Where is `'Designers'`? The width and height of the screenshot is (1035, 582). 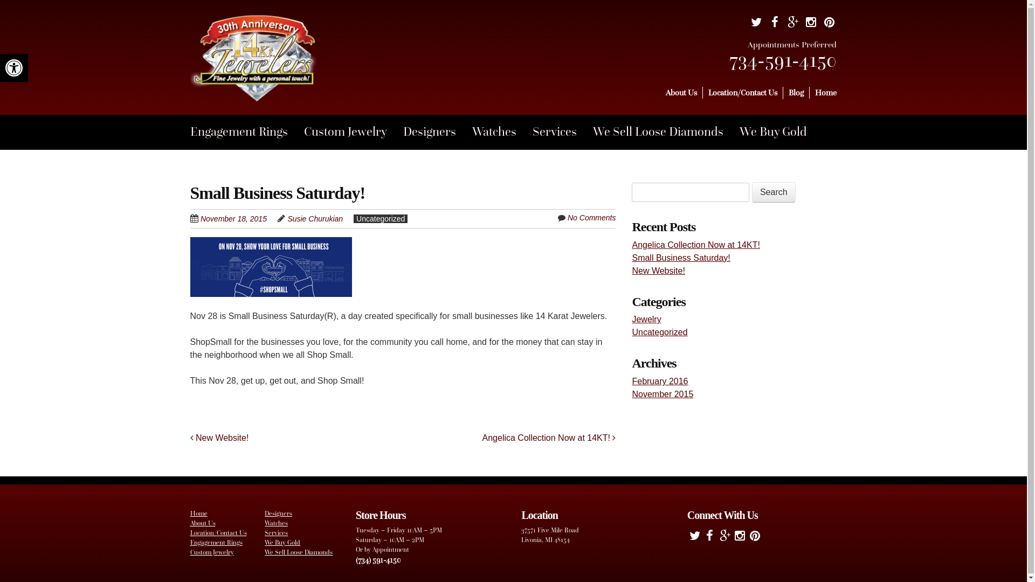 'Designers' is located at coordinates (437, 131).